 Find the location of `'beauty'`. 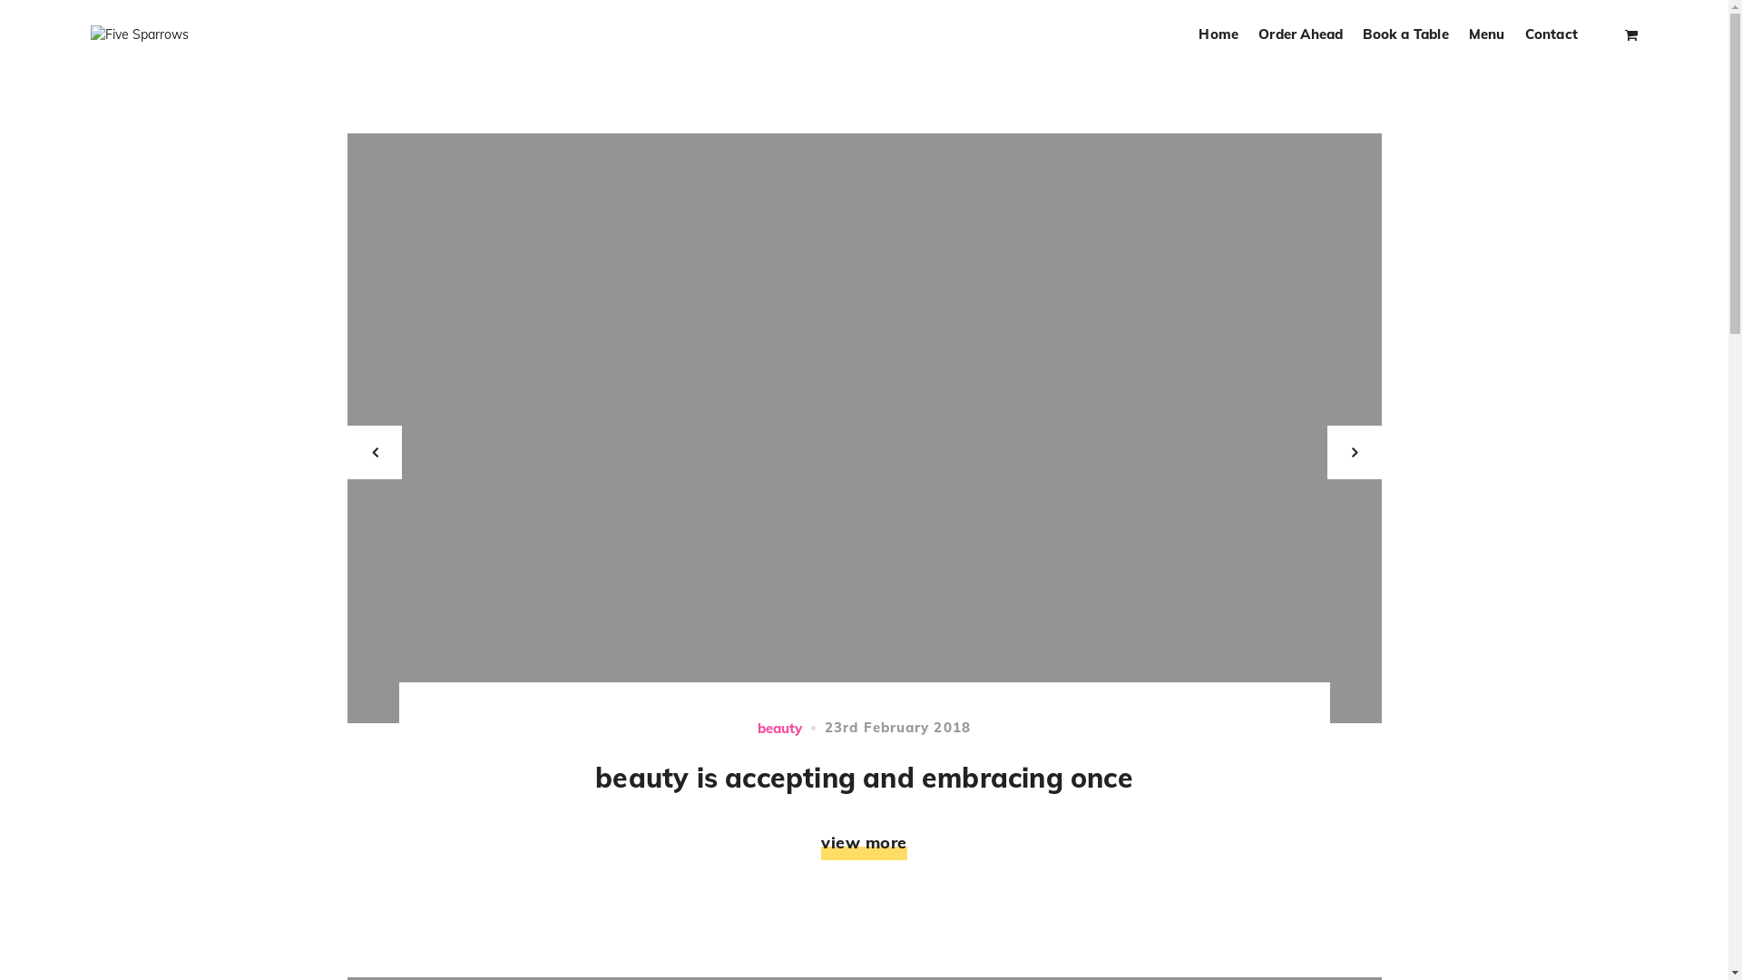

'beauty' is located at coordinates (779, 726).